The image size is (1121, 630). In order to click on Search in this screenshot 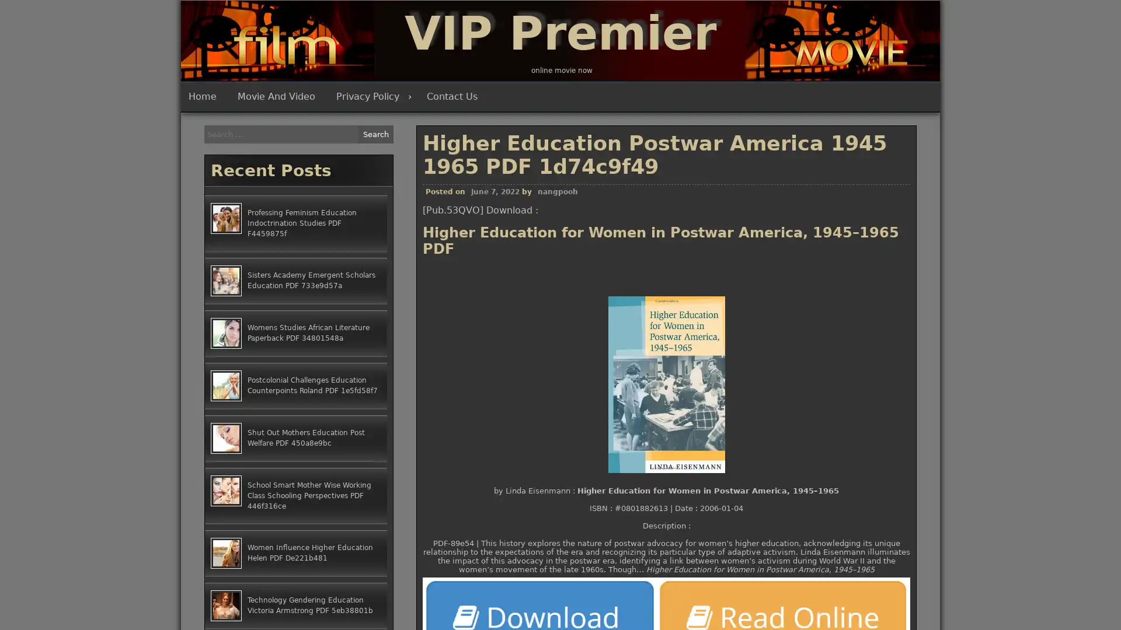, I will do `click(375, 134)`.